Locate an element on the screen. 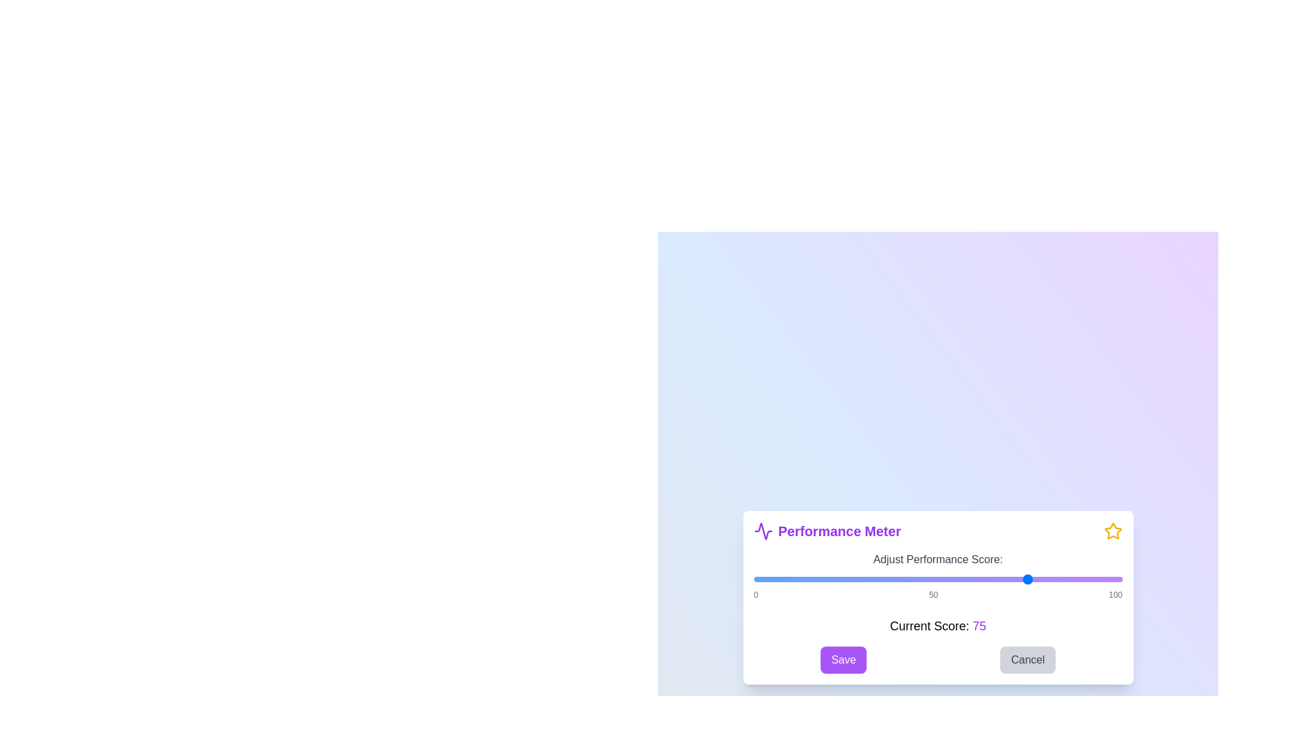 The width and height of the screenshot is (1301, 732). the performance score to 84 using the slider is located at coordinates (1062, 579).